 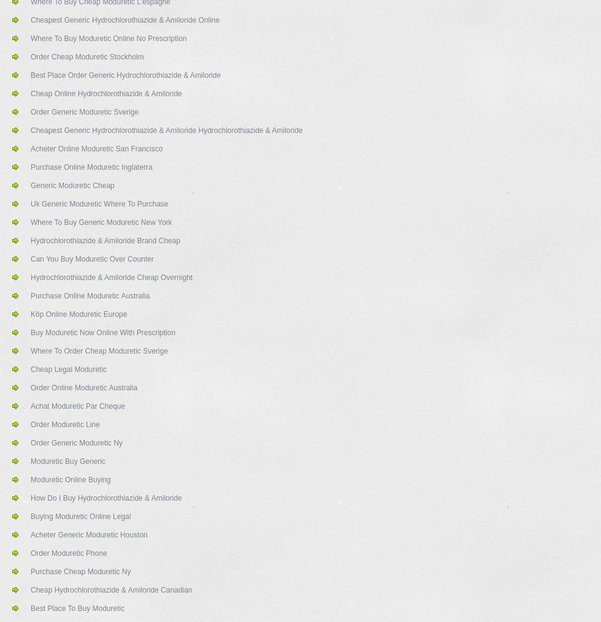 I want to click on 'Best Place To Buy Moduretic', so click(x=30, y=608).